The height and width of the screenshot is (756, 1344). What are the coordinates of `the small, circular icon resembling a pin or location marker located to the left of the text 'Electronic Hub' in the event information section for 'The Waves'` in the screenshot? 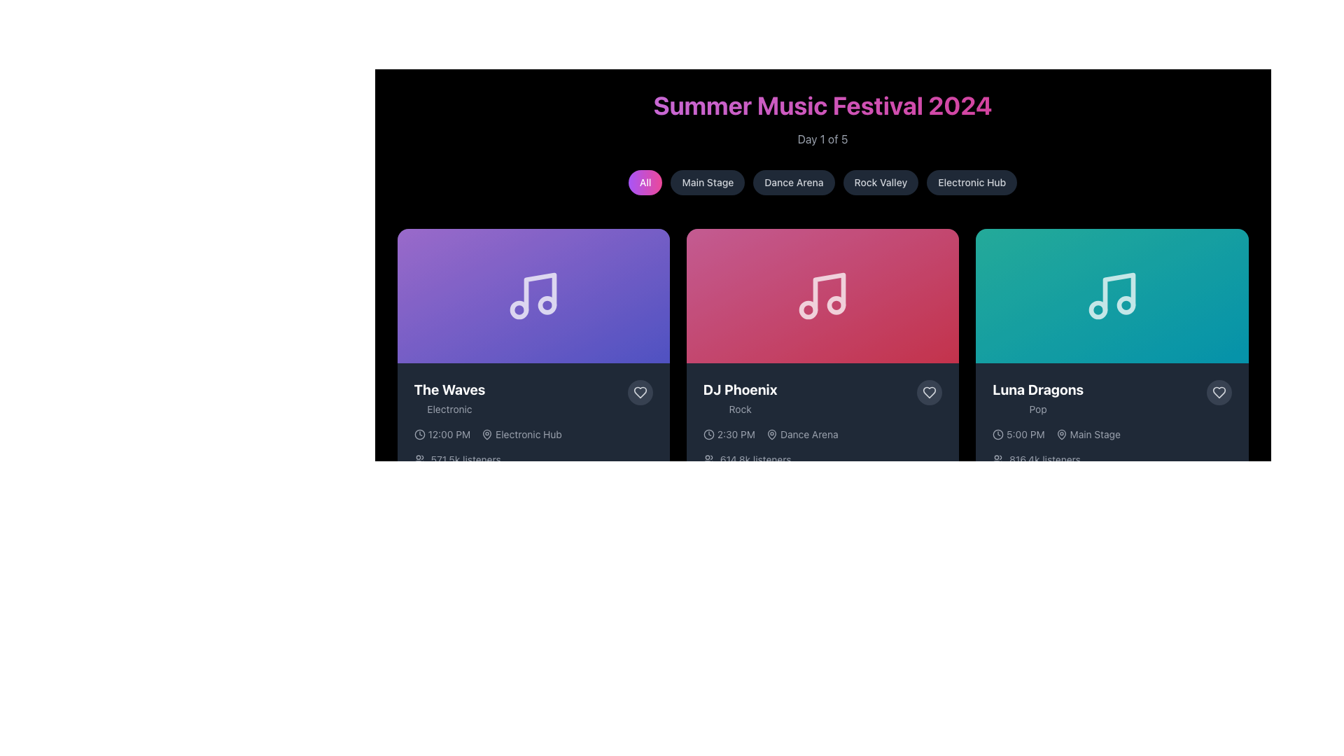 It's located at (487, 434).